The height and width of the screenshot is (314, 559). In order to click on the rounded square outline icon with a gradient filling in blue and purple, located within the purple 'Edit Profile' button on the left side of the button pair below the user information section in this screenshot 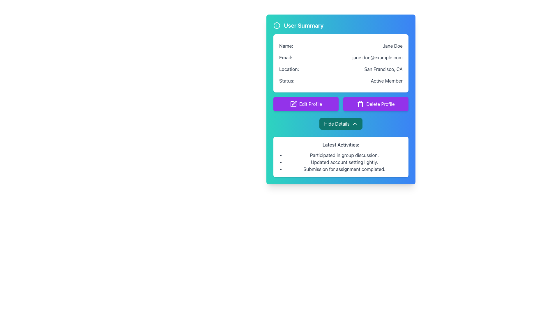, I will do `click(293, 104)`.